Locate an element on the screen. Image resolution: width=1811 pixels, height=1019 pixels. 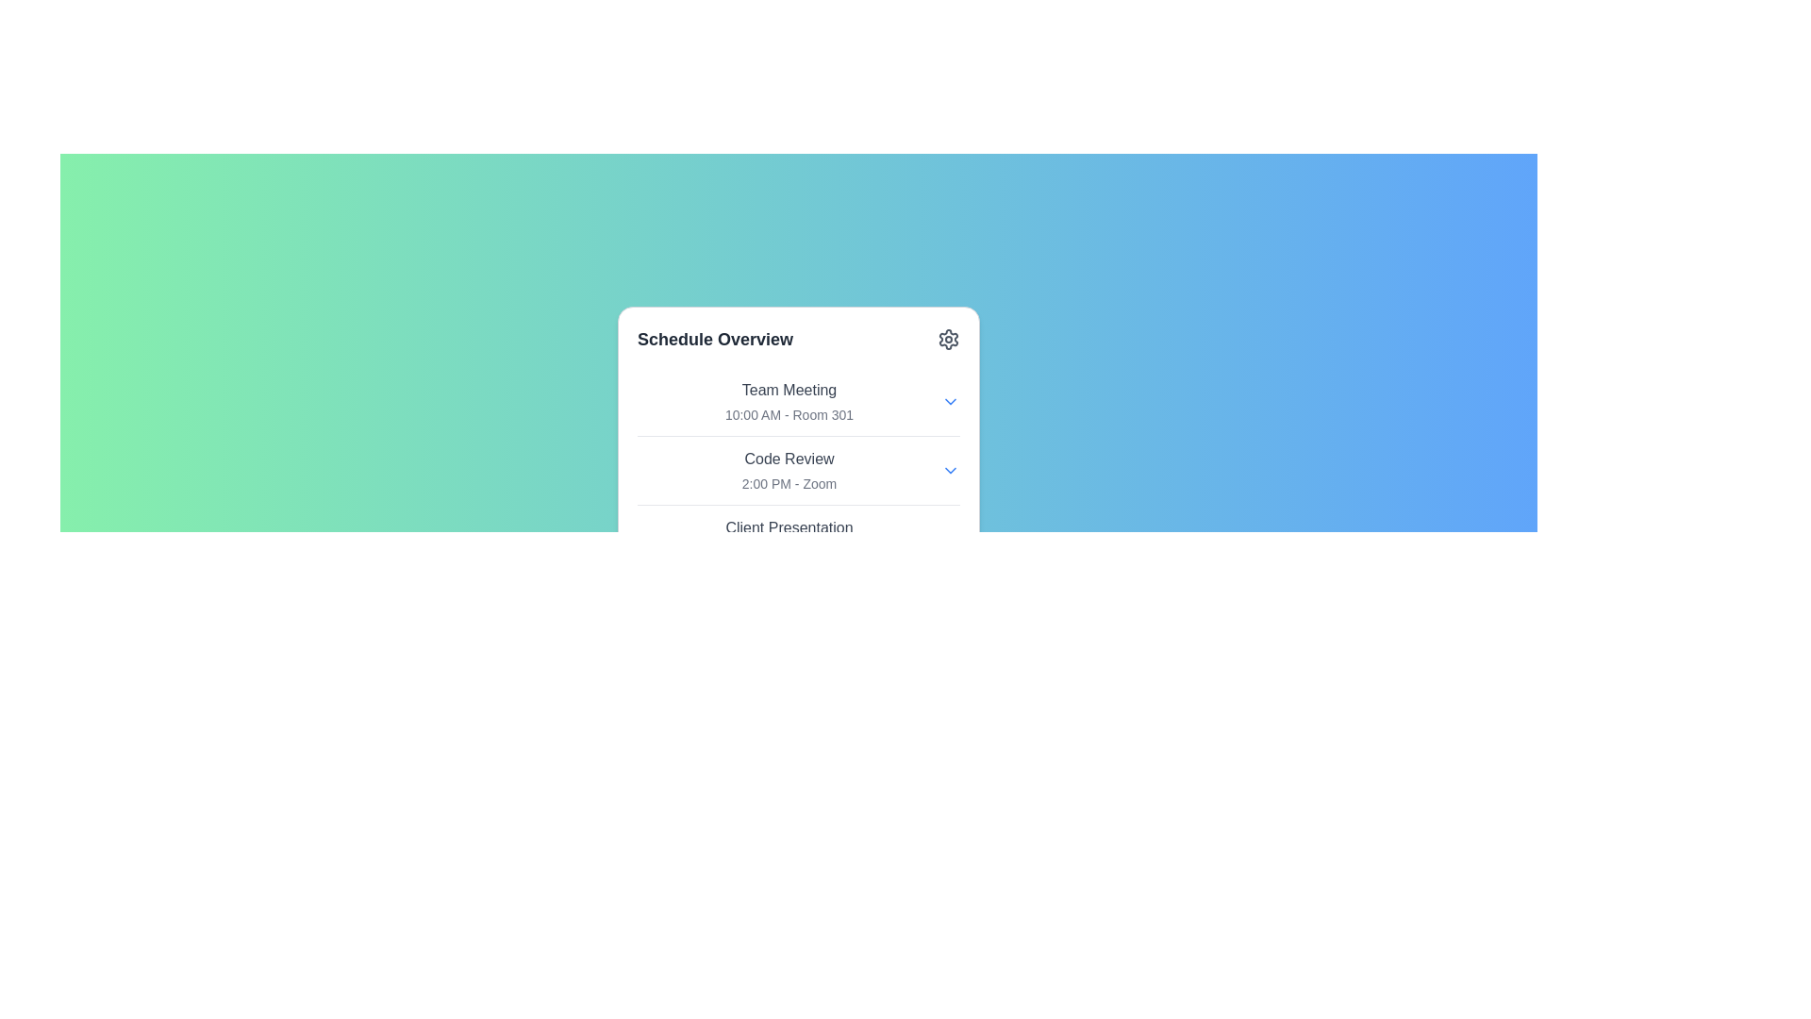
the 'Client Presentation' text label, which is a bold, gray-colored label displayed in a medium font within the schedule card, located in the third slot of the 'Schedule Overview' is located at coordinates (789, 527).